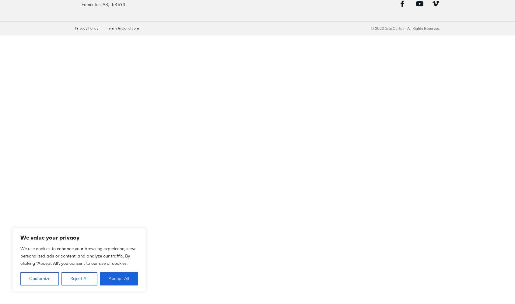 The width and height of the screenshot is (515, 304). I want to click on '© 2023 GlasCurtain. All Rights Reserved.', so click(405, 28).